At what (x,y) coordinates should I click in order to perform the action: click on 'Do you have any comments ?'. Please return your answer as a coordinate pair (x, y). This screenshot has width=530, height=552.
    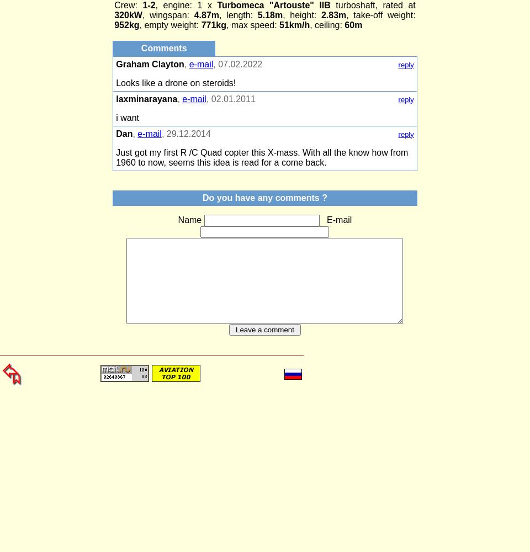
    Looking at the image, I should click on (202, 197).